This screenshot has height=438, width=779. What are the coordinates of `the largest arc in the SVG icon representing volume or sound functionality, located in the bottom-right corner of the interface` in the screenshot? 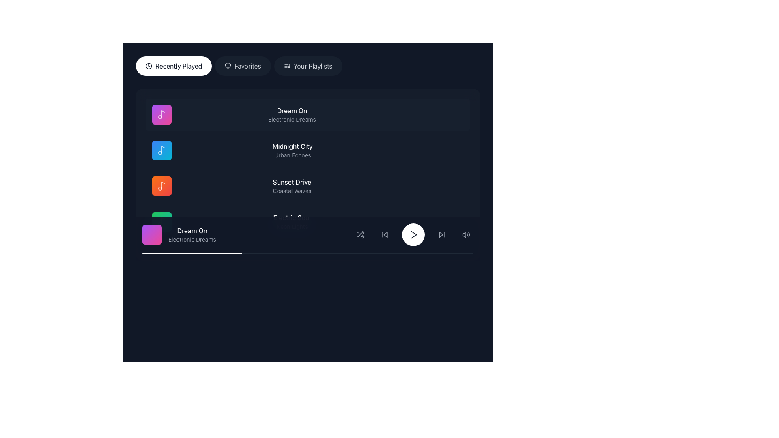 It's located at (469, 234).